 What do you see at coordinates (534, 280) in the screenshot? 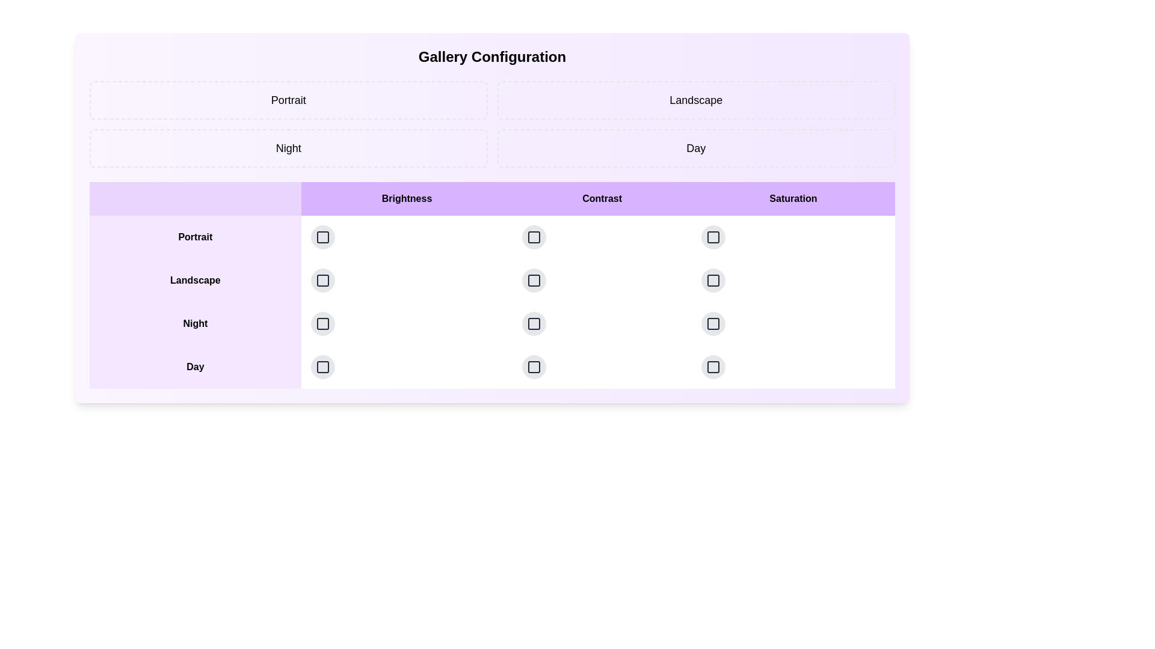
I see `the square button with rounded corners, set within a light gray circular background, located` at bounding box center [534, 280].